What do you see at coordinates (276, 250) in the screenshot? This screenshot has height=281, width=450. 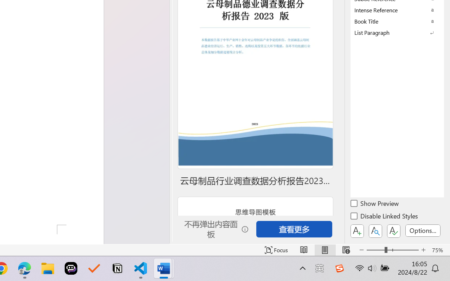 I see `'Focus '` at bounding box center [276, 250].